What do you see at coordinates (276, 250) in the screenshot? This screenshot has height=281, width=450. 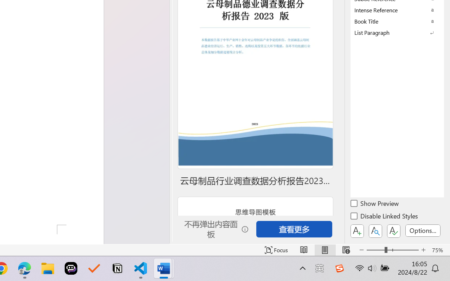 I see `'Focus '` at bounding box center [276, 250].